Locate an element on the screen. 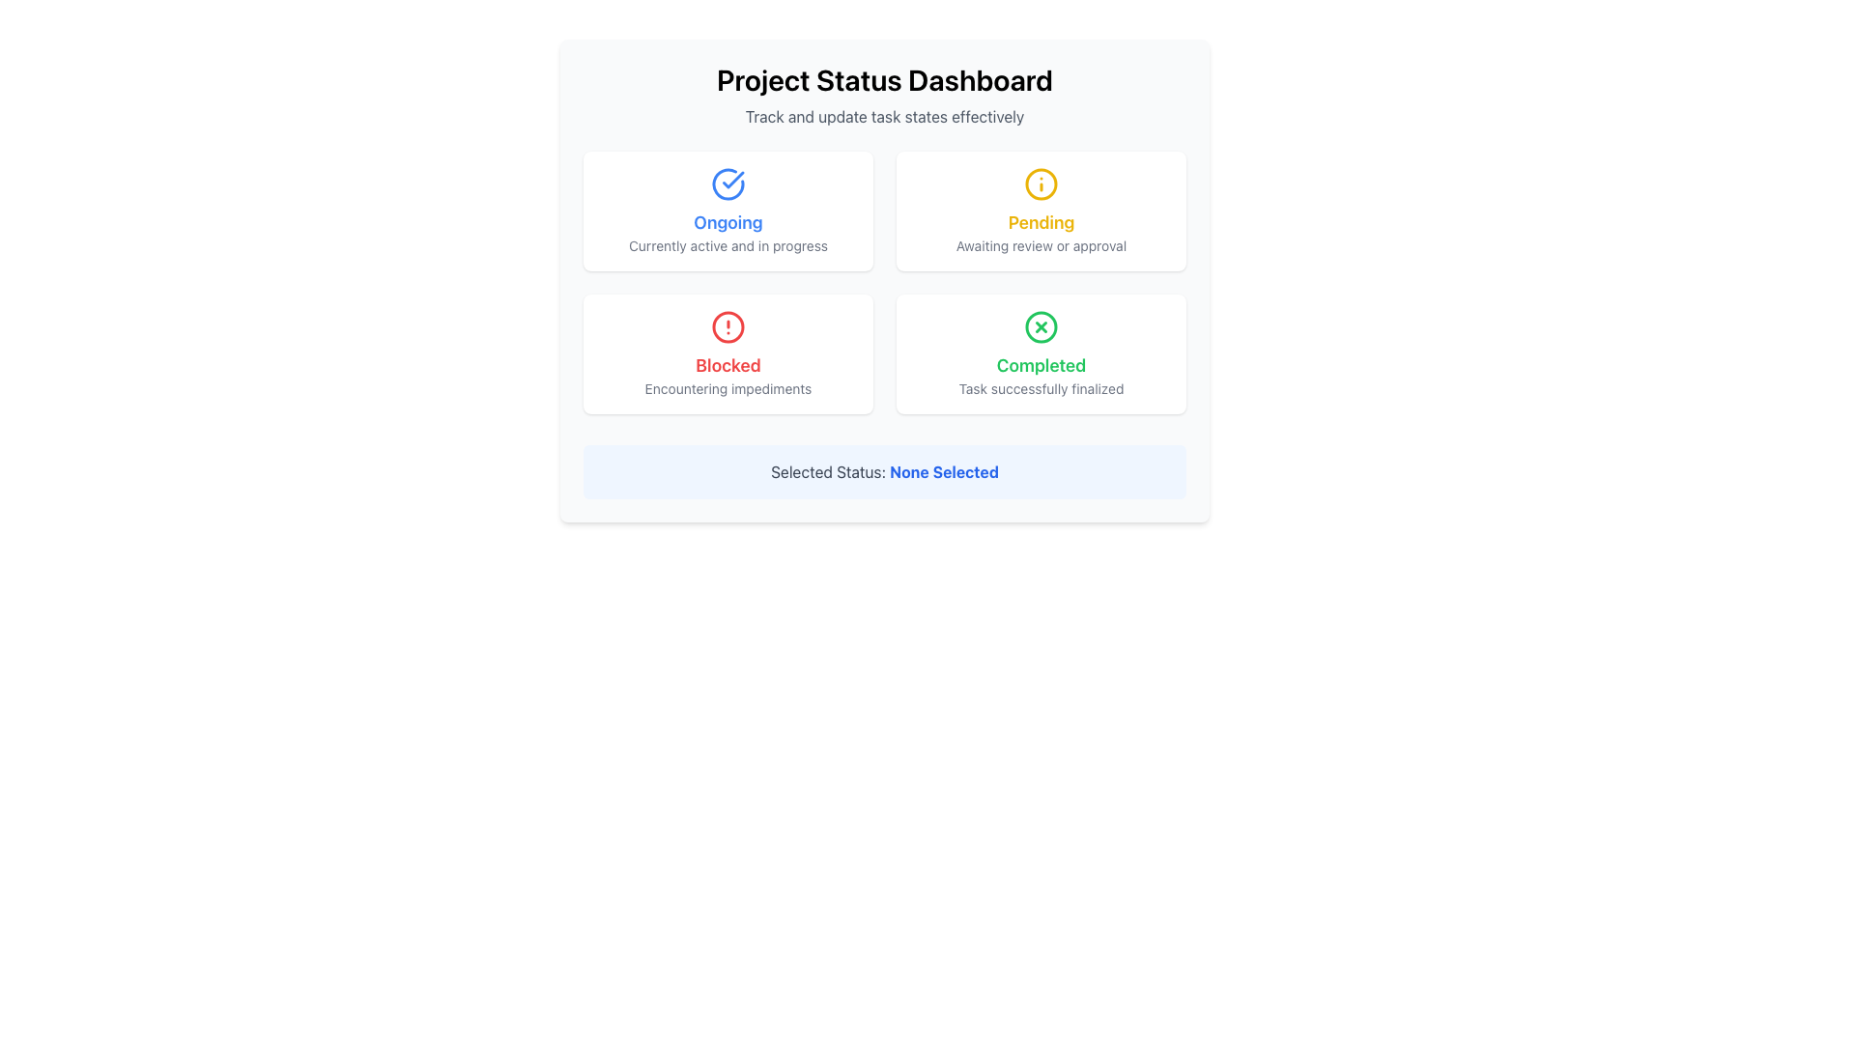 This screenshot has height=1043, width=1855. the text label displaying 'Awaiting review or approval' located at the bottom of the 'Pending' card in the main dashboard area is located at coordinates (1041, 244).